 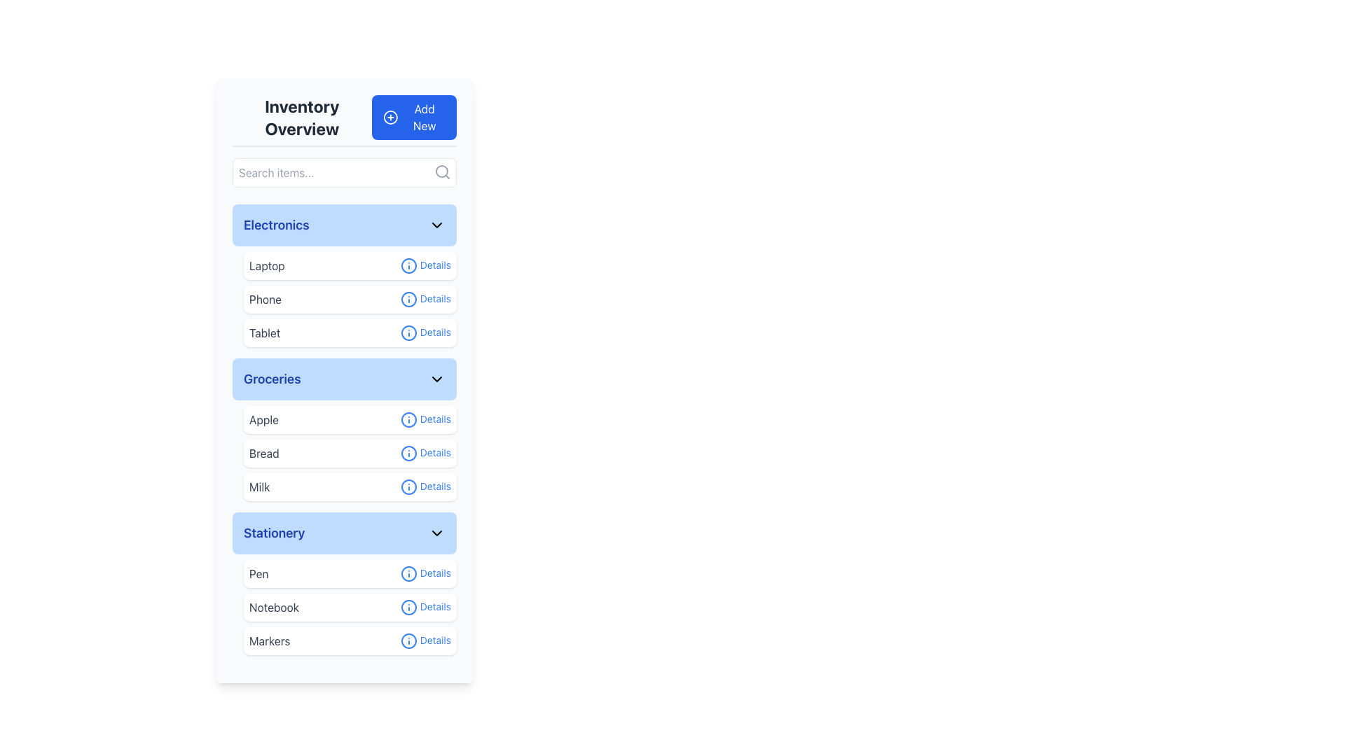 What do you see at coordinates (425, 299) in the screenshot?
I see `the blue 'Details' hyperlink located in the right section of the 'Phone' entry in the 'Electronics' category` at bounding box center [425, 299].